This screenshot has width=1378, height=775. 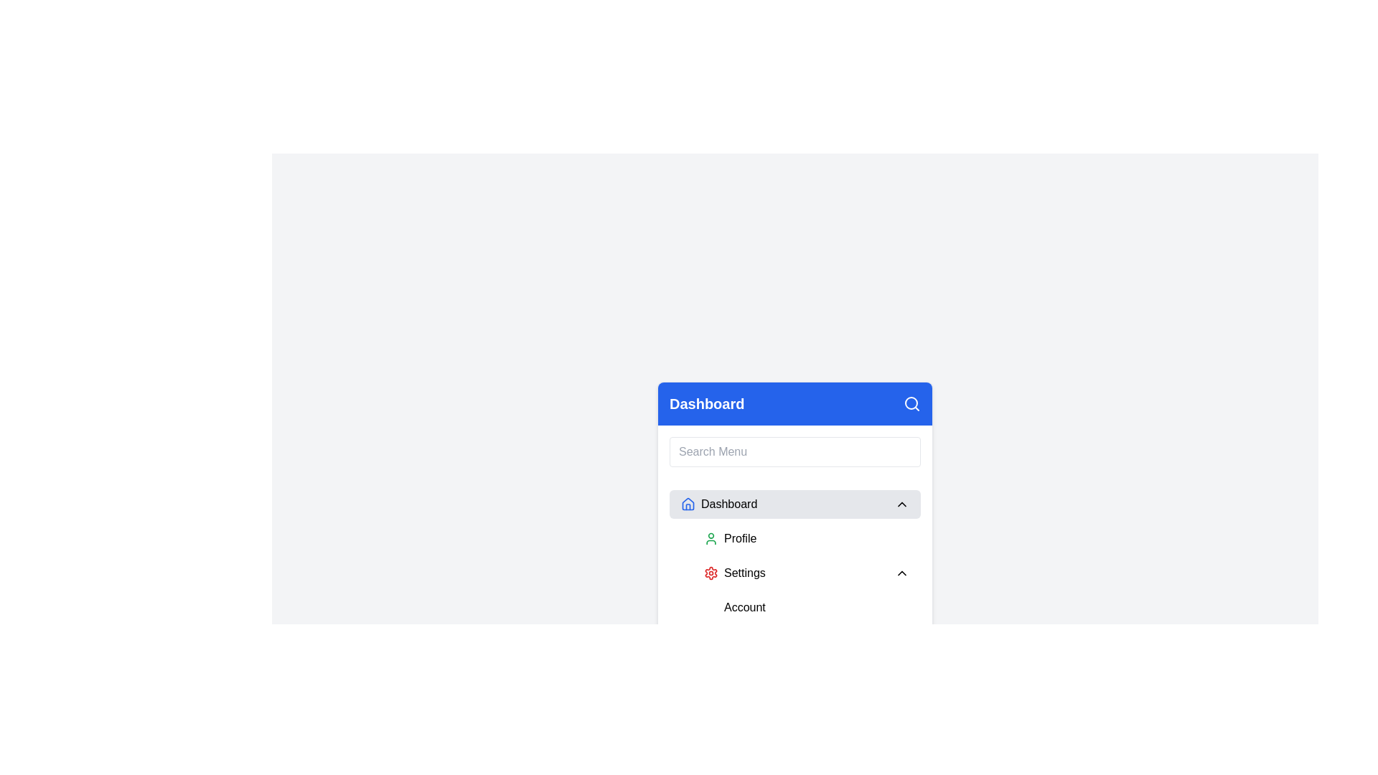 I want to click on the user silhouette icon with green lines located in the left sidebar menu under the 'Profile' label, so click(x=711, y=539).